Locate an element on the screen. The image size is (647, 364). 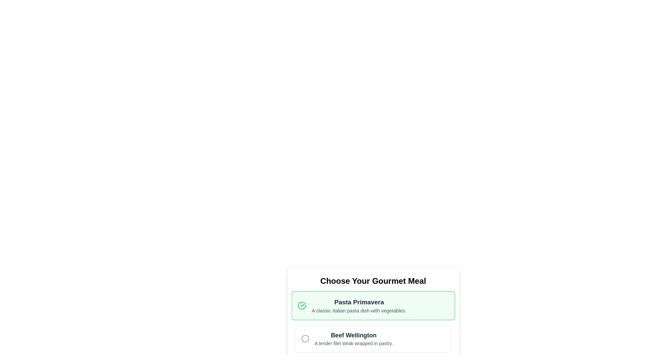
the green checkmark icon located to the left of the 'Pasta Primavera' option in the meal selection interface is located at coordinates (303, 304).